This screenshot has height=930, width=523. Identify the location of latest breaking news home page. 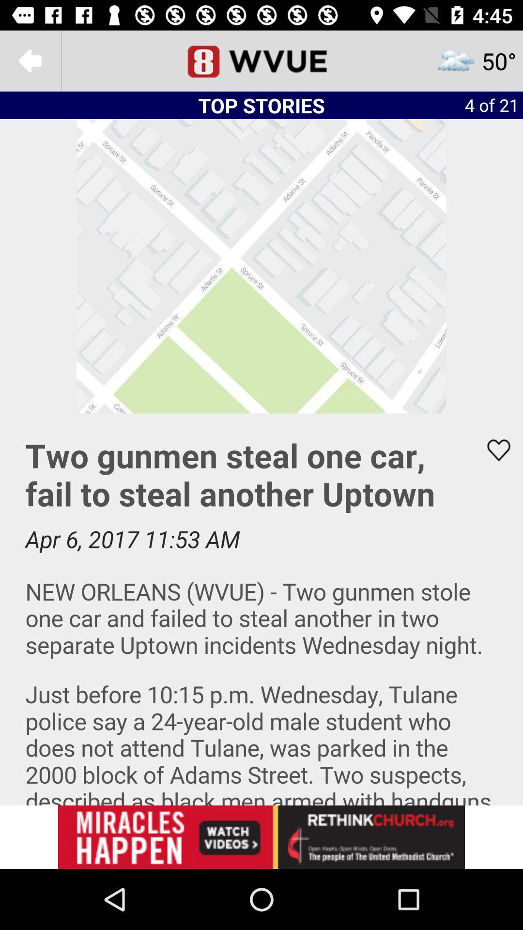
(261, 60).